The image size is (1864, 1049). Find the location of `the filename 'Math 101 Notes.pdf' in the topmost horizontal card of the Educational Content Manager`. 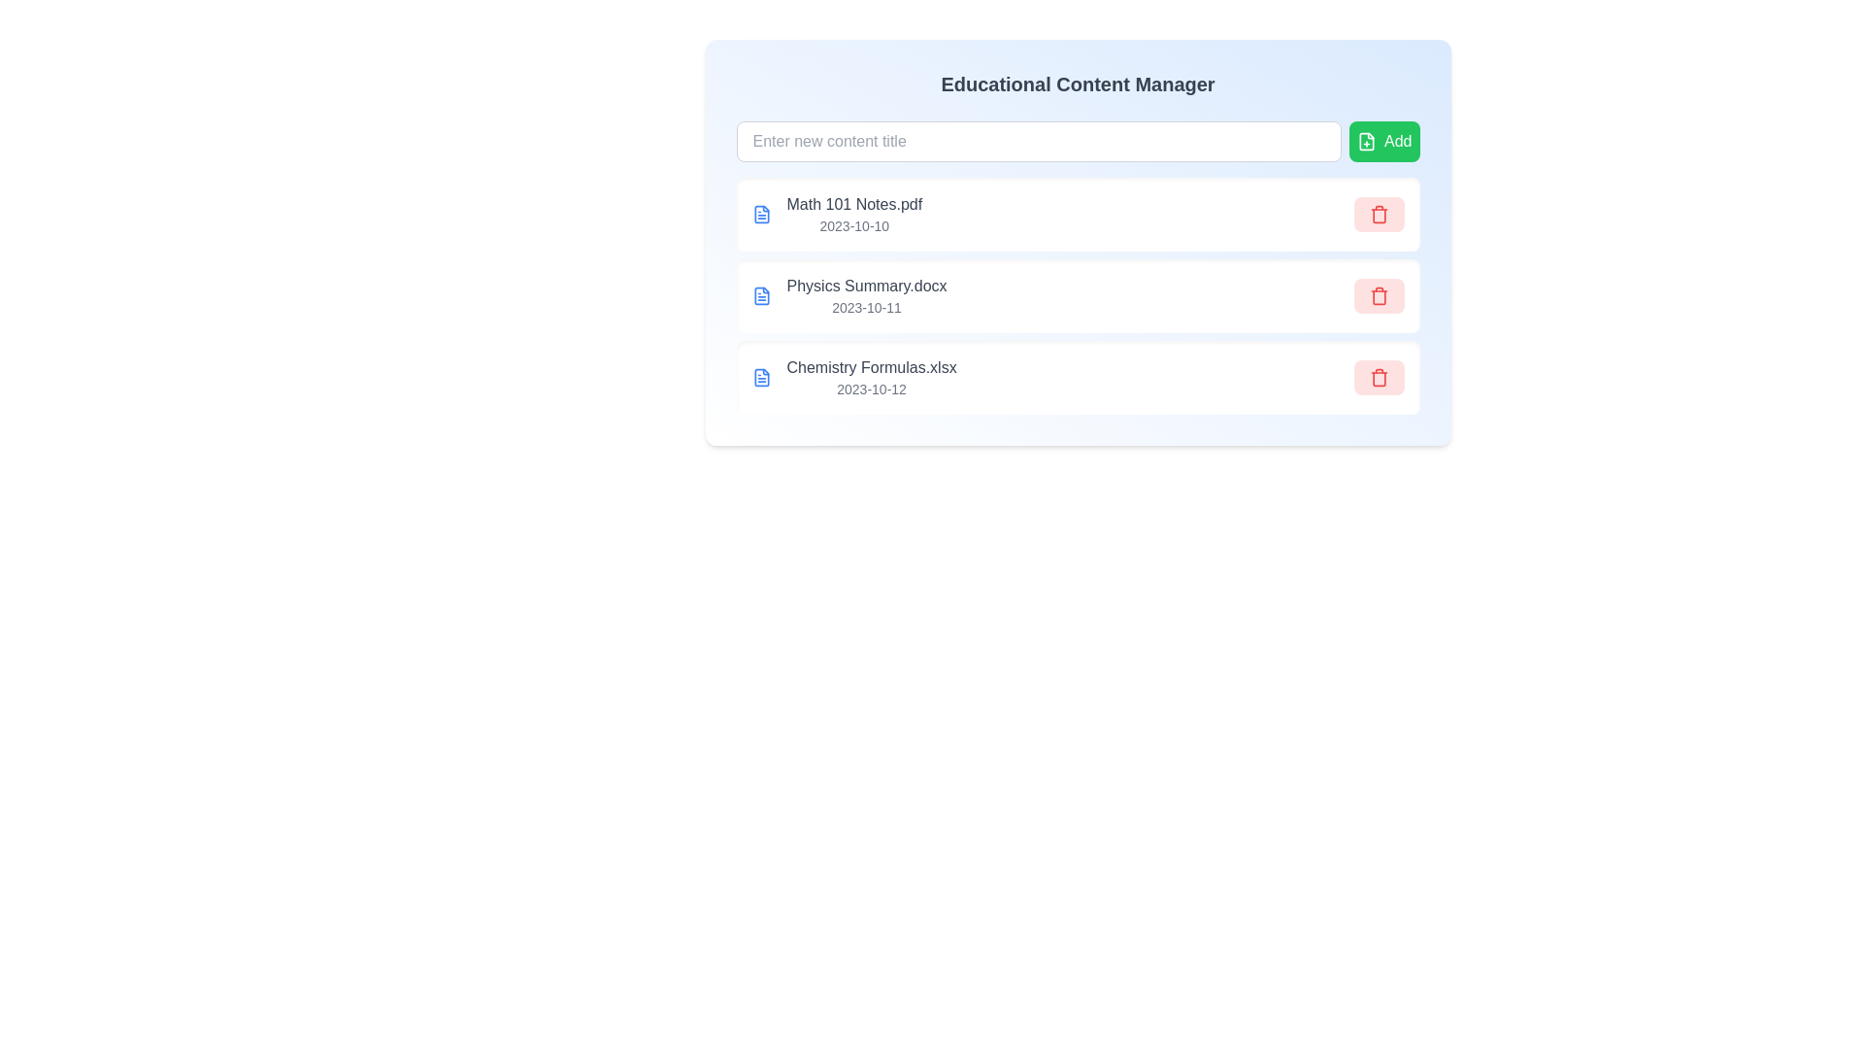

the filename 'Math 101 Notes.pdf' in the topmost horizontal card of the Educational Content Manager is located at coordinates (1077, 242).